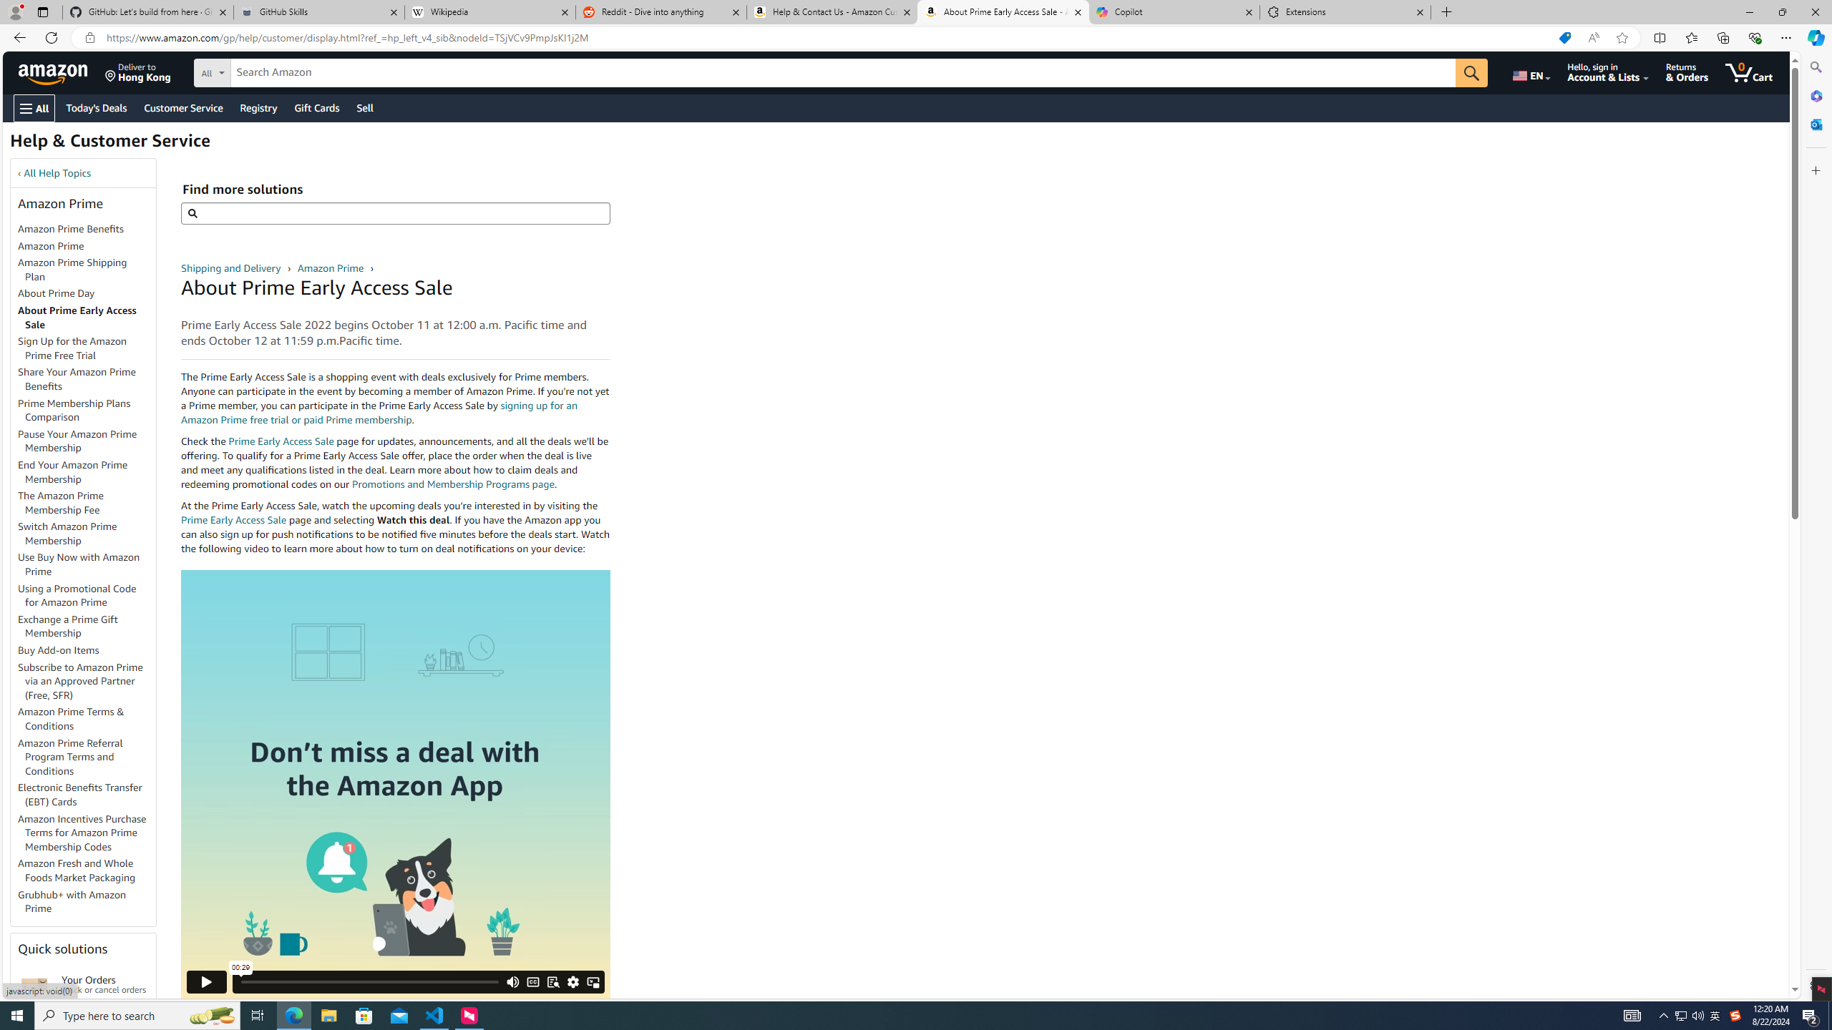  Describe the element at coordinates (87, 230) in the screenshot. I see `'Amazon Prime Benefits'` at that location.